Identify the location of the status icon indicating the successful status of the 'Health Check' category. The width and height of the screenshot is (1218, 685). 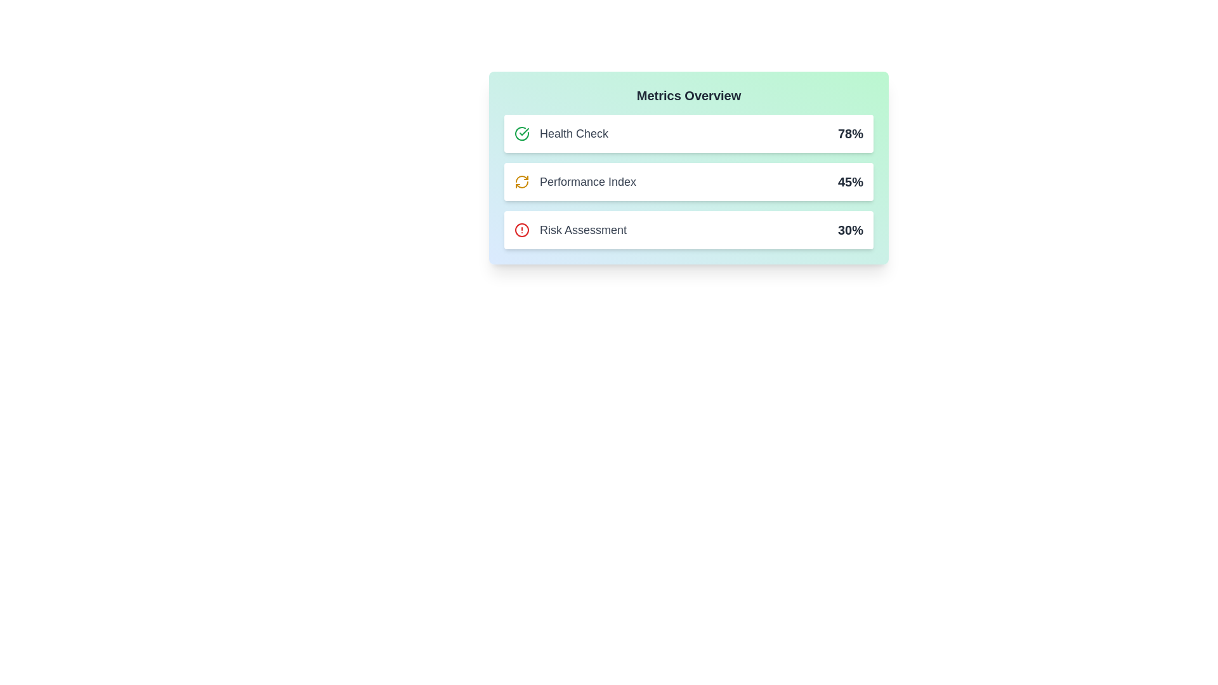
(521, 134).